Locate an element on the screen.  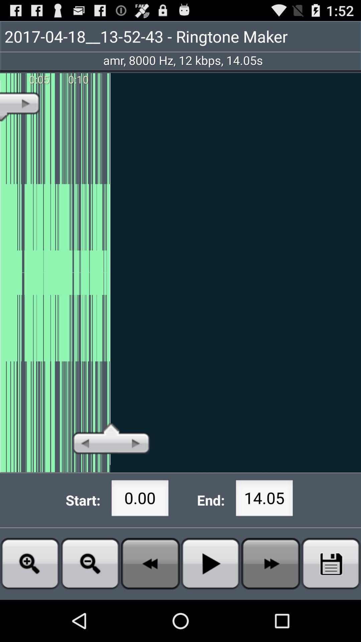
save is located at coordinates (331, 563).